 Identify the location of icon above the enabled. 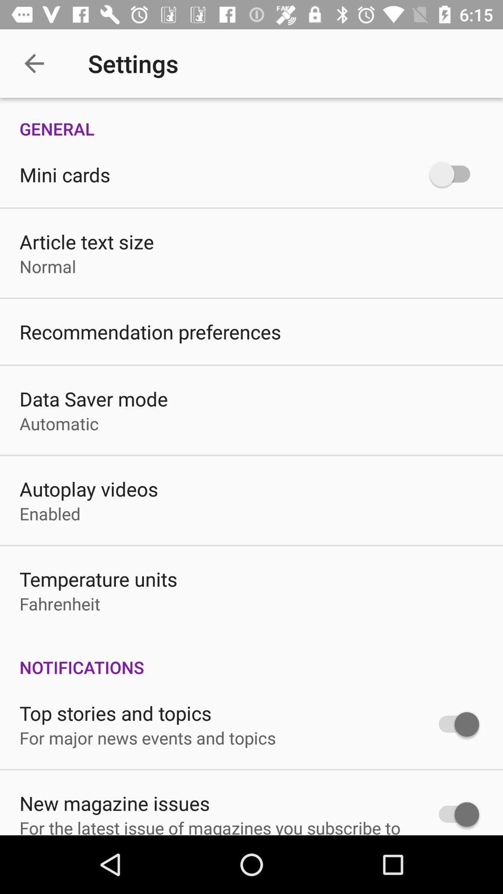
(88, 488).